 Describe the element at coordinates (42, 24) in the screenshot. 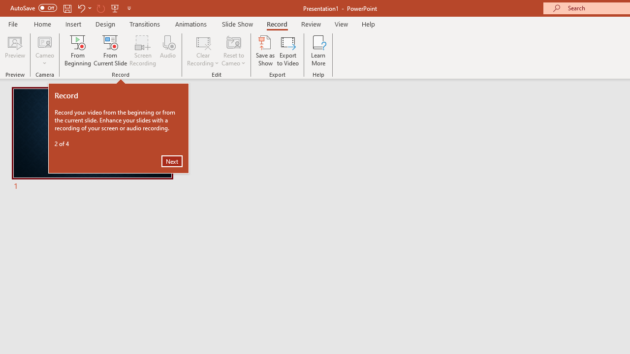

I see `'Home'` at that location.